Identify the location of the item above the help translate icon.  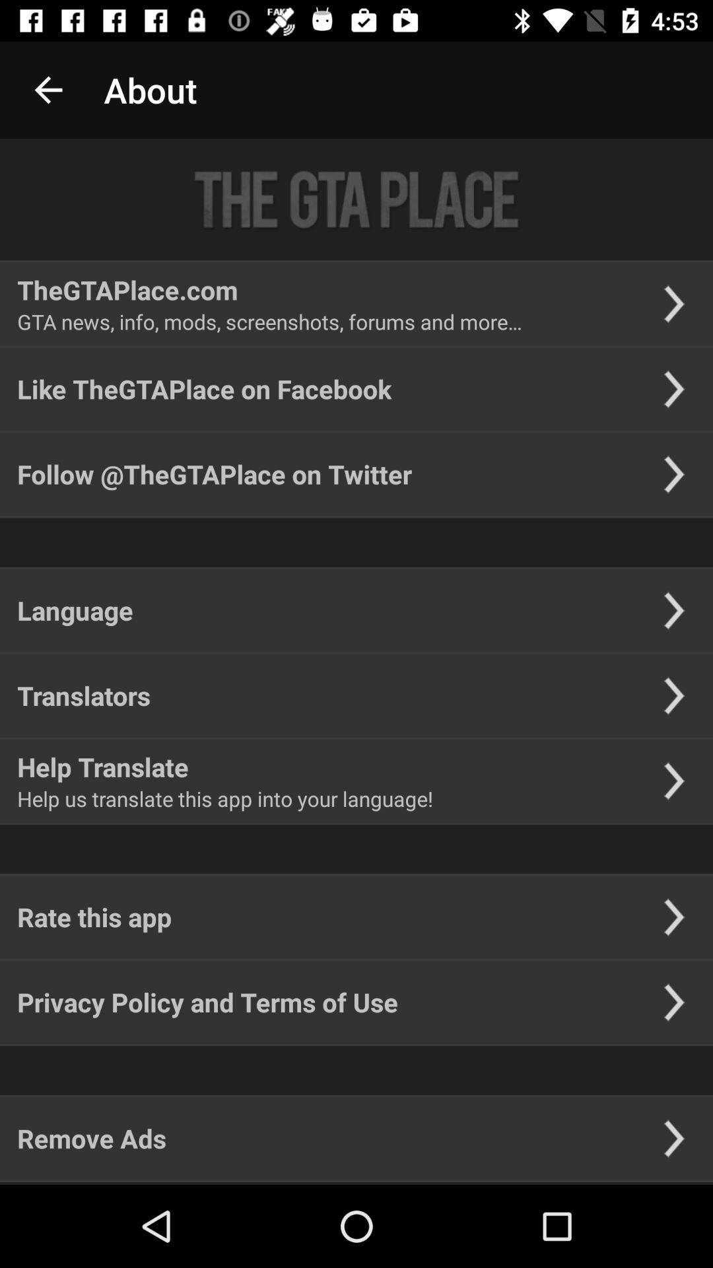
(84, 695).